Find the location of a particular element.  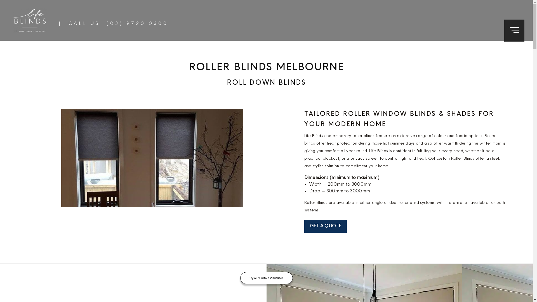

'GET A QUOTE' is located at coordinates (325, 226).